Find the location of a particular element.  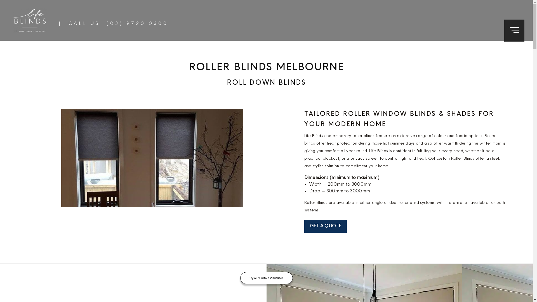

'GET A QUOTE' is located at coordinates (325, 226).